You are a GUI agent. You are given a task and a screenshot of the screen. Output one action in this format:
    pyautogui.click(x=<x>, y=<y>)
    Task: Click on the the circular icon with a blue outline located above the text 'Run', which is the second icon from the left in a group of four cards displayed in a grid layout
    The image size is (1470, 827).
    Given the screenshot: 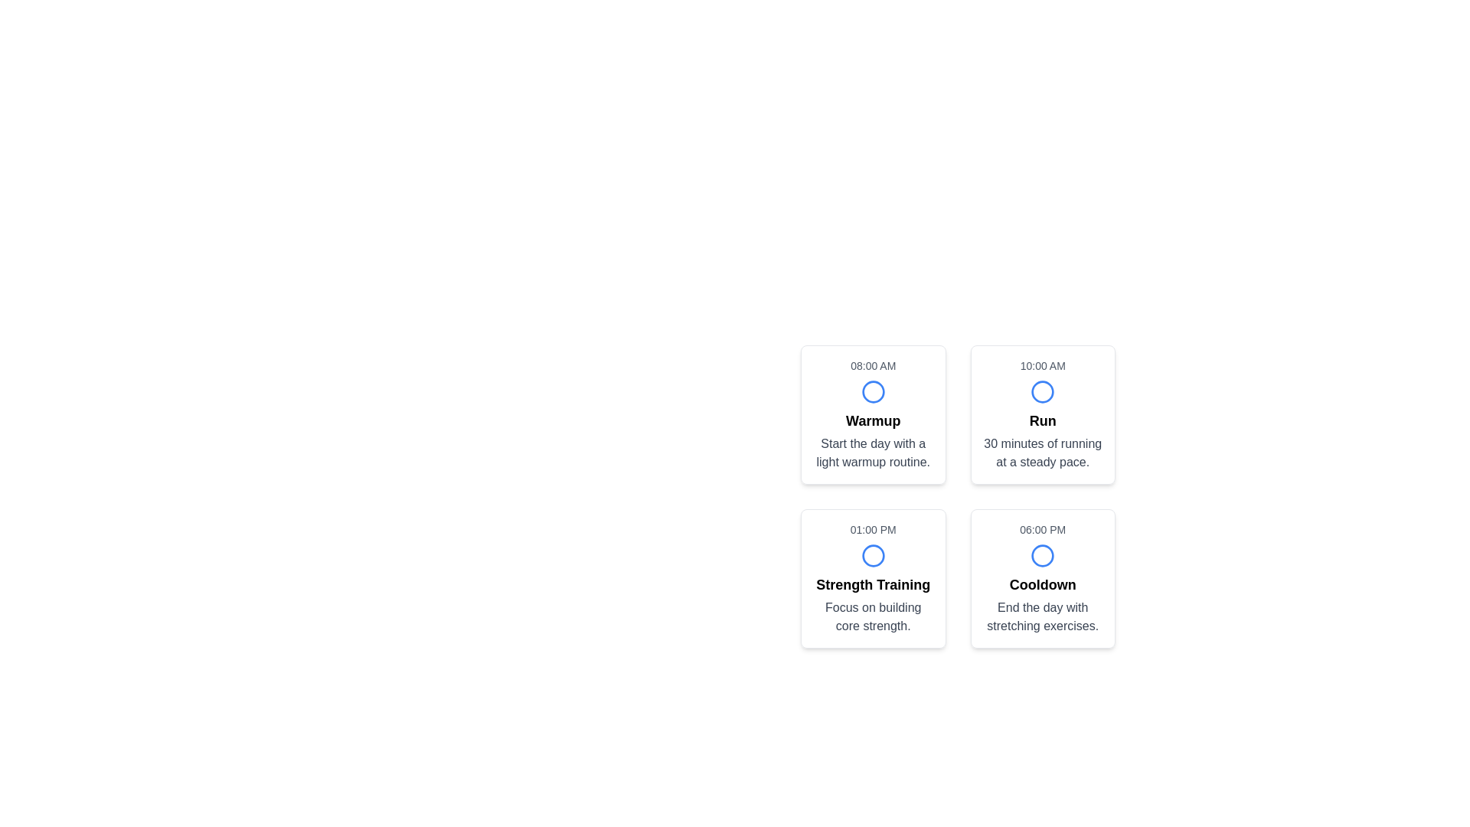 What is the action you would take?
    pyautogui.click(x=1042, y=391)
    